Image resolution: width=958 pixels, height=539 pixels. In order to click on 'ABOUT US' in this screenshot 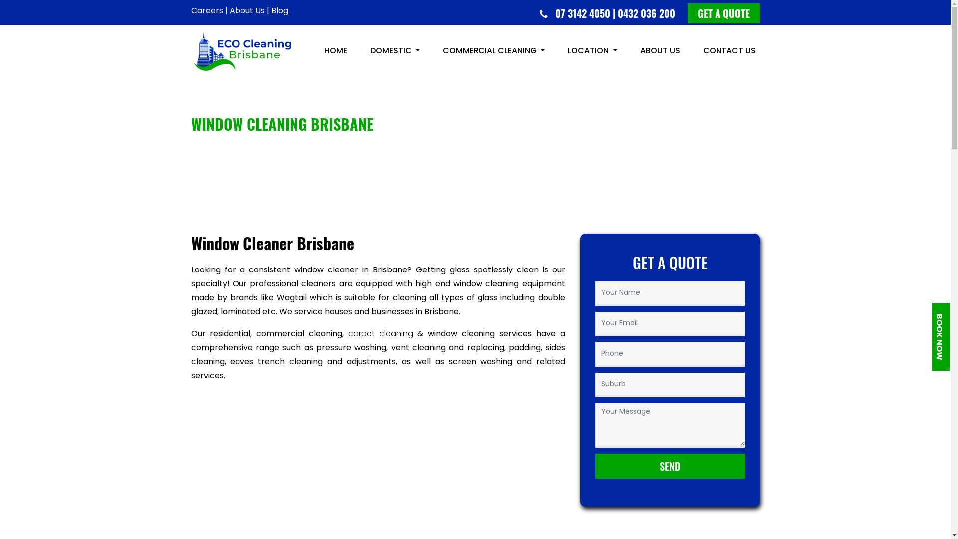, I will do `click(635, 50)`.